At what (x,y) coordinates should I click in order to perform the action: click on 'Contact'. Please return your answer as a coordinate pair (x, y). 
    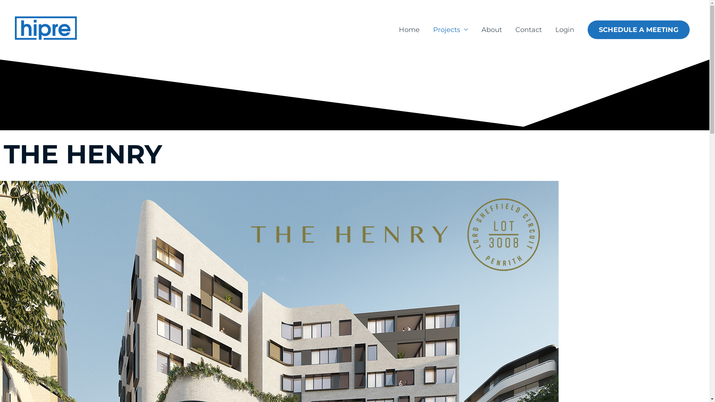
    Looking at the image, I should click on (528, 29).